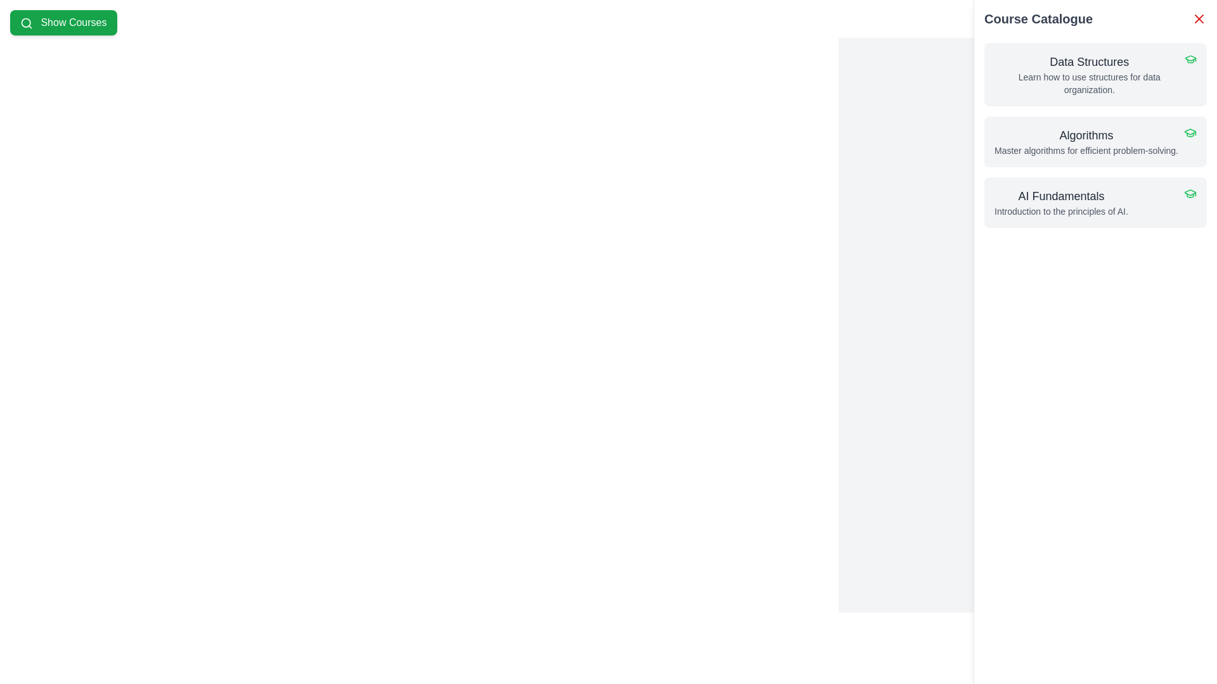 This screenshot has height=684, width=1217. Describe the element at coordinates (1190, 59) in the screenshot. I see `green graduation cap icon located at the rightmost part of the 'Data Structures' course module in a vertical list of courses` at that location.